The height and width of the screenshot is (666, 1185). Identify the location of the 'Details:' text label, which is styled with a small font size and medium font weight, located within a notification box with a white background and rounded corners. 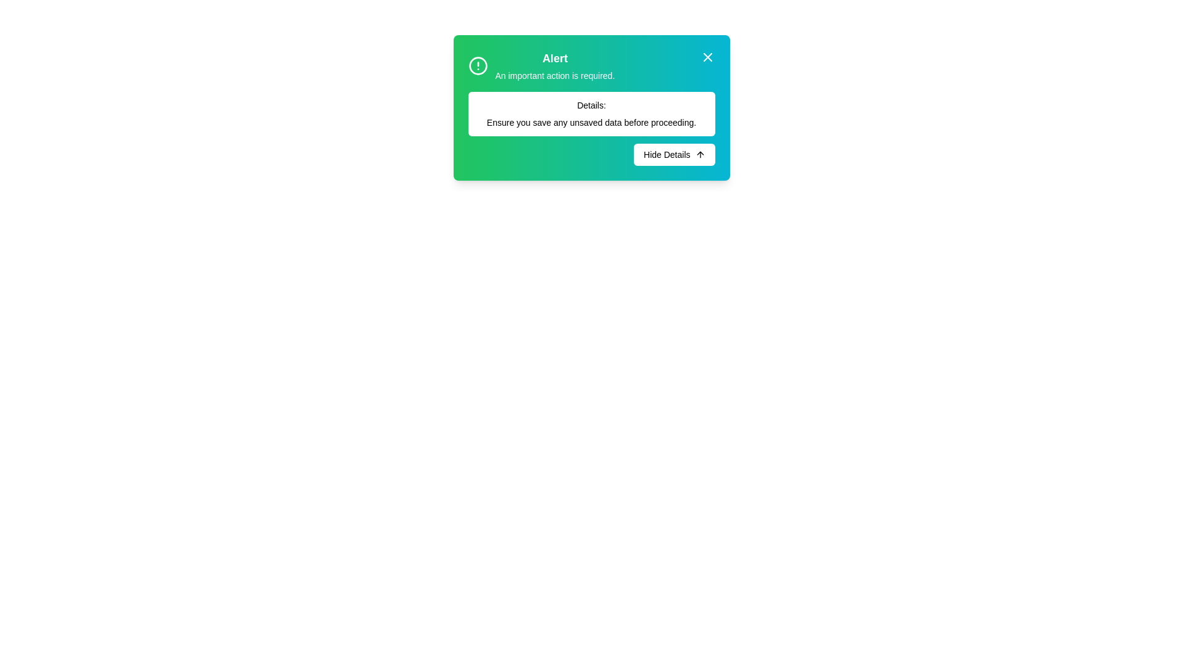
(591, 104).